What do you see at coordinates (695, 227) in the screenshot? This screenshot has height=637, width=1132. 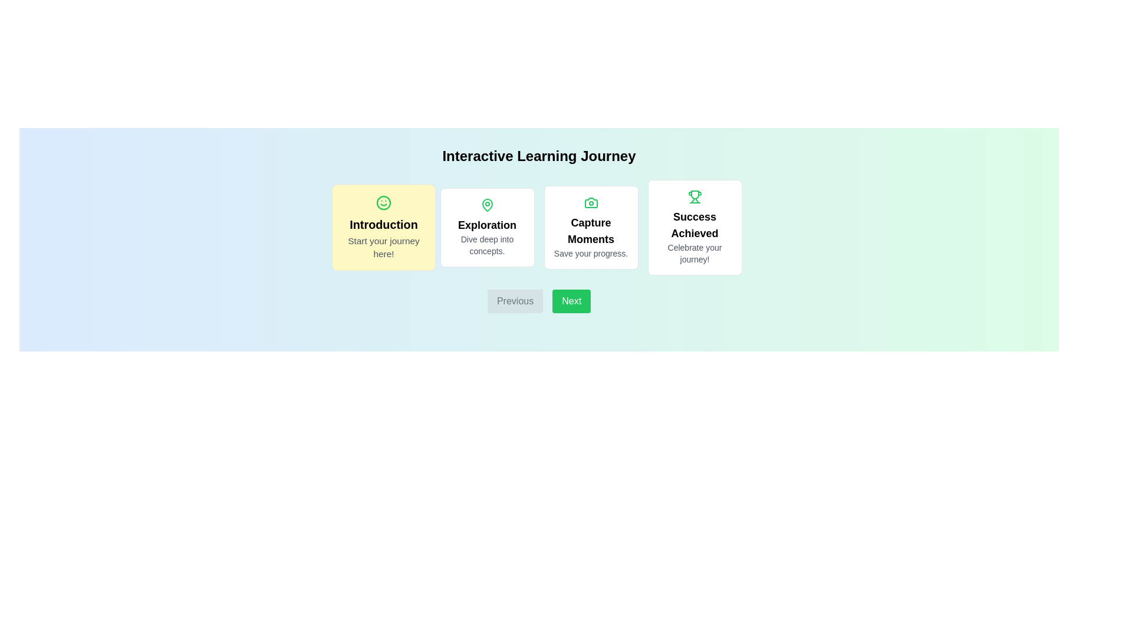 I see `the card corresponding to the journey step Success Achieved` at bounding box center [695, 227].